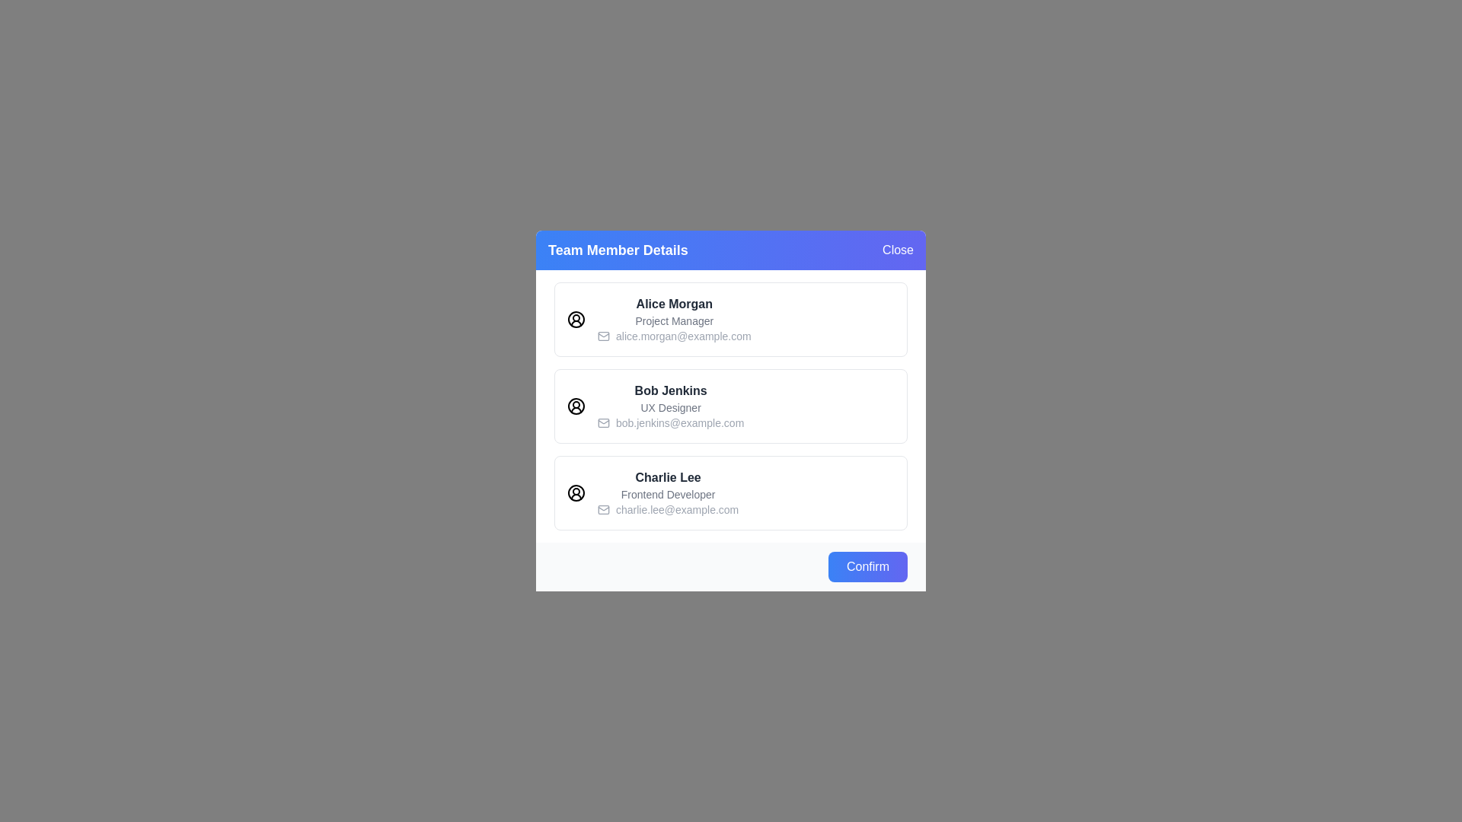  What do you see at coordinates (670, 422) in the screenshot?
I see `the Text label with icon that presents the email address associated with Bob Jenkins, located below the job title 'UX Designer'` at bounding box center [670, 422].